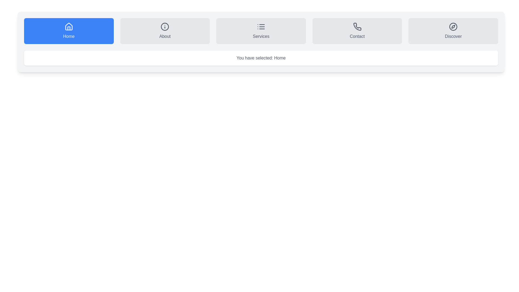 The width and height of the screenshot is (519, 292). Describe the element at coordinates (261, 36) in the screenshot. I see `the 'Services' text label in the navigation menu` at that location.